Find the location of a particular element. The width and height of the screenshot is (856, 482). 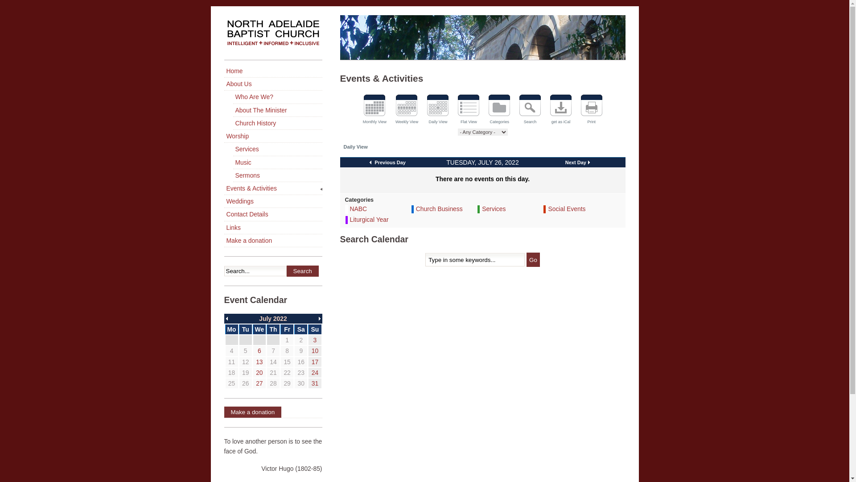

'6' is located at coordinates (259, 350).